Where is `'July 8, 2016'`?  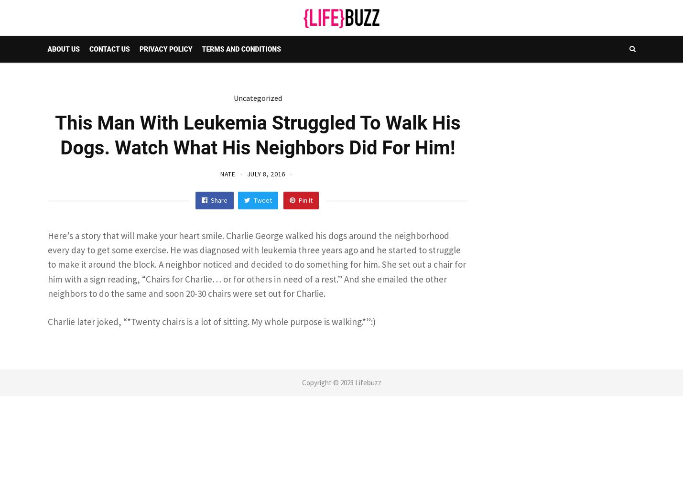
'July 8, 2016' is located at coordinates (246, 173).